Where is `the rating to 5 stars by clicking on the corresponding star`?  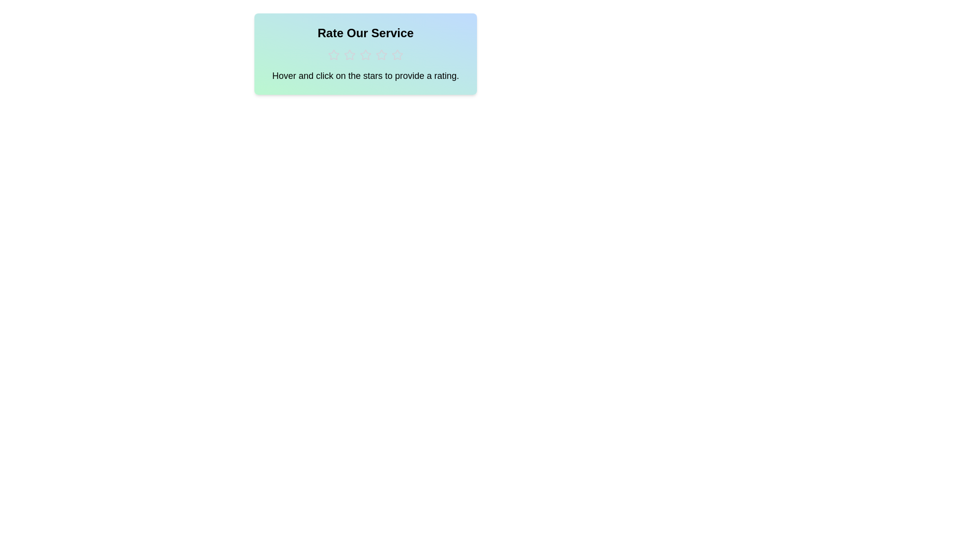
the rating to 5 stars by clicking on the corresponding star is located at coordinates (397, 55).